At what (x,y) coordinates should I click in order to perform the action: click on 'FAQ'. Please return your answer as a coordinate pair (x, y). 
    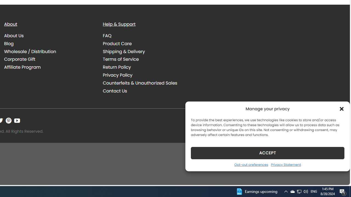
    Looking at the image, I should click on (148, 36).